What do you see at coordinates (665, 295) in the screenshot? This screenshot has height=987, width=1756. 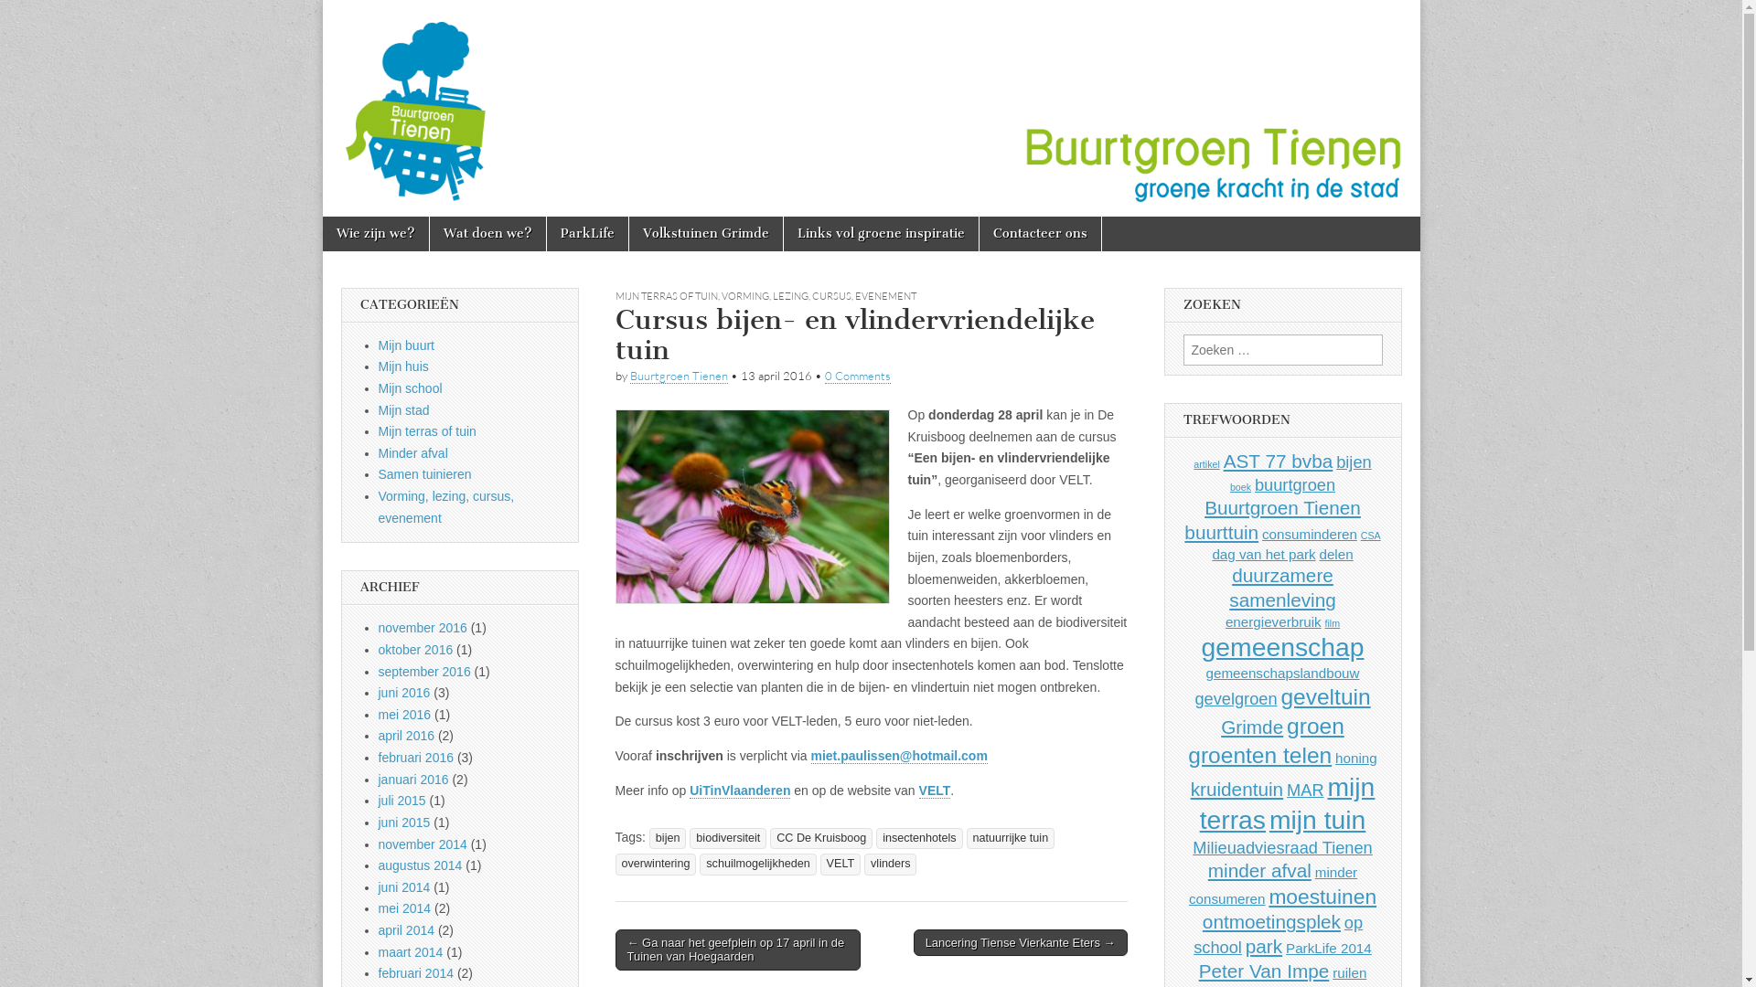 I see `'MIJN TERRAS OF TUIN'` at bounding box center [665, 295].